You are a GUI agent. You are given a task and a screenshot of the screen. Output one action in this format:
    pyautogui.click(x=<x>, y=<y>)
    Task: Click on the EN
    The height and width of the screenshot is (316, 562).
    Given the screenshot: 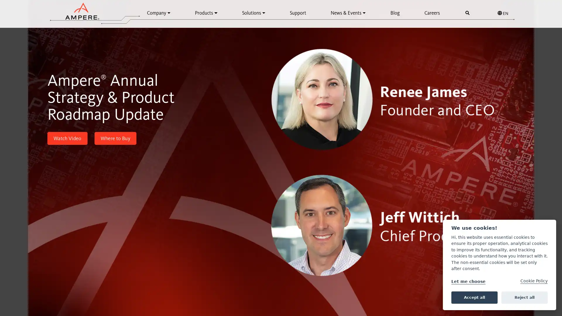 What is the action you would take?
    pyautogui.click(x=502, y=13)
    